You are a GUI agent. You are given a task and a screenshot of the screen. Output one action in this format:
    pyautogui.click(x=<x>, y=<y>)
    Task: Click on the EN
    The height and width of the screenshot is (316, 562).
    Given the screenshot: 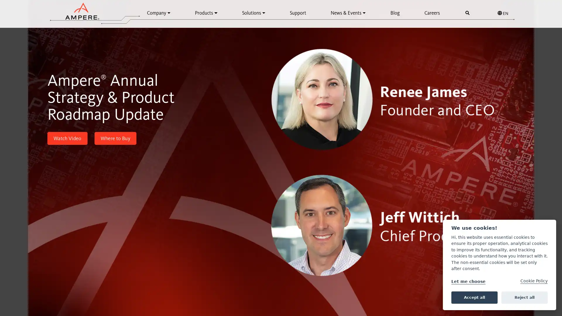 What is the action you would take?
    pyautogui.click(x=502, y=13)
    